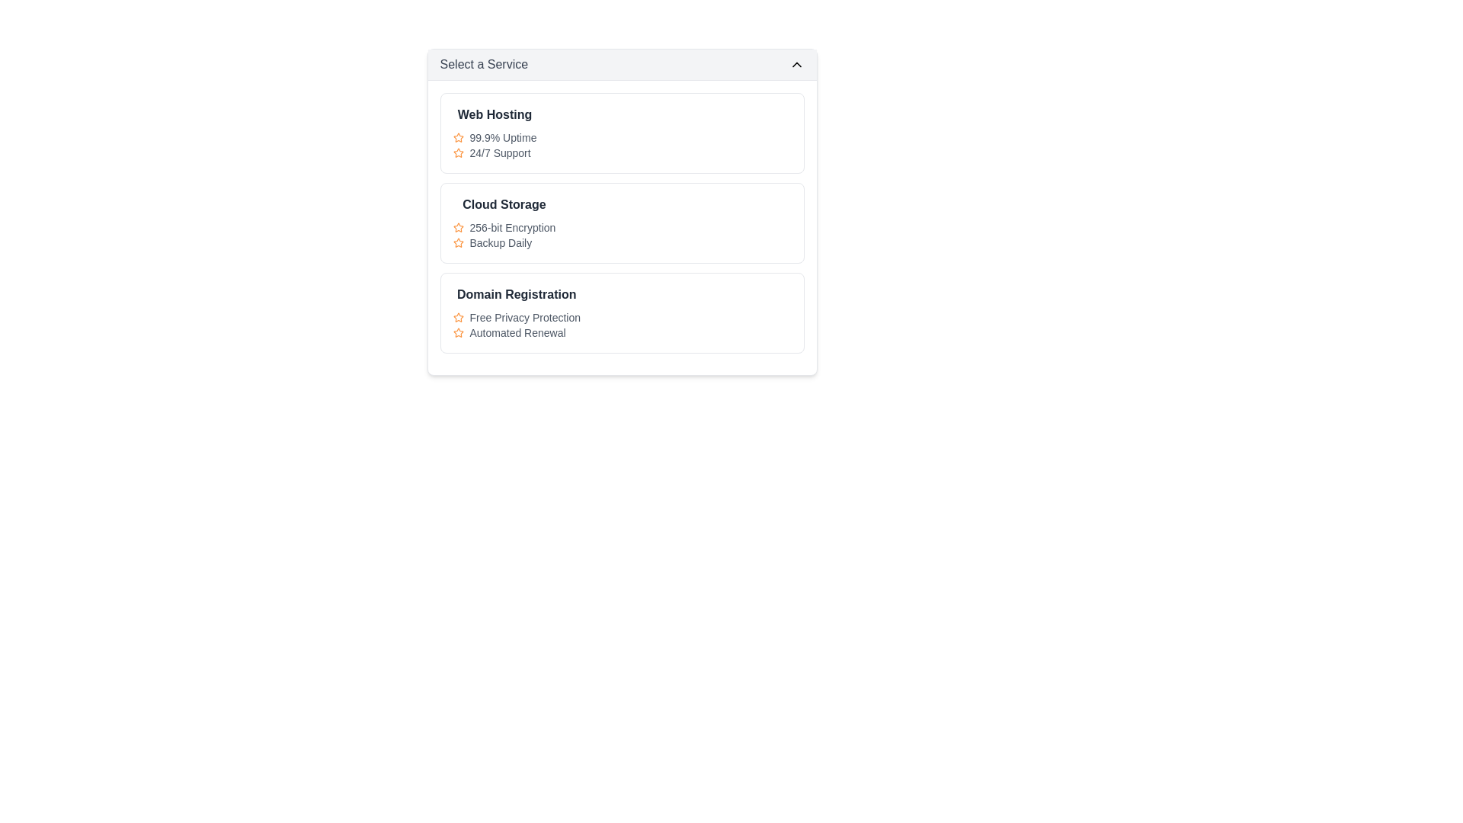 Image resolution: width=1463 pixels, height=823 pixels. I want to click on the orange star-shaped icon located to the left of the text 'Automated Renewal' in the 'Domain Registration' section, so click(457, 331).